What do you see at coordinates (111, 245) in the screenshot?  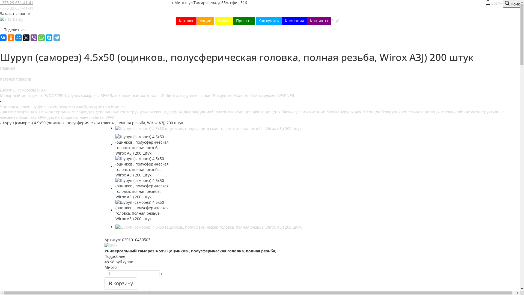 I see `' SPAX'` at bounding box center [111, 245].